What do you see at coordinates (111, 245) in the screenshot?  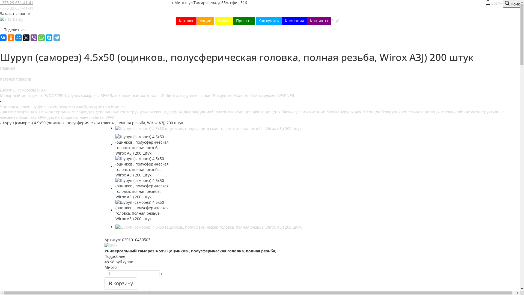 I see `' SPAX'` at bounding box center [111, 245].